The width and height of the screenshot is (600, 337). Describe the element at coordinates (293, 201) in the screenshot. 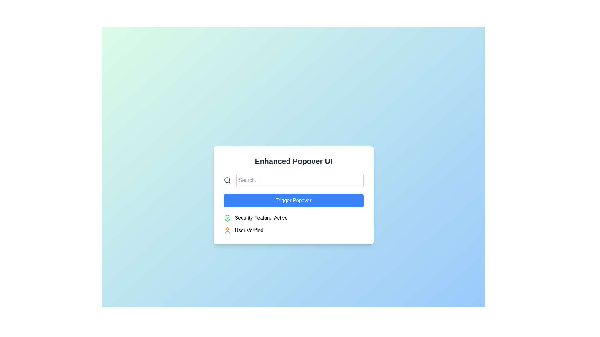

I see `the 'Trigger Popover' button` at that location.